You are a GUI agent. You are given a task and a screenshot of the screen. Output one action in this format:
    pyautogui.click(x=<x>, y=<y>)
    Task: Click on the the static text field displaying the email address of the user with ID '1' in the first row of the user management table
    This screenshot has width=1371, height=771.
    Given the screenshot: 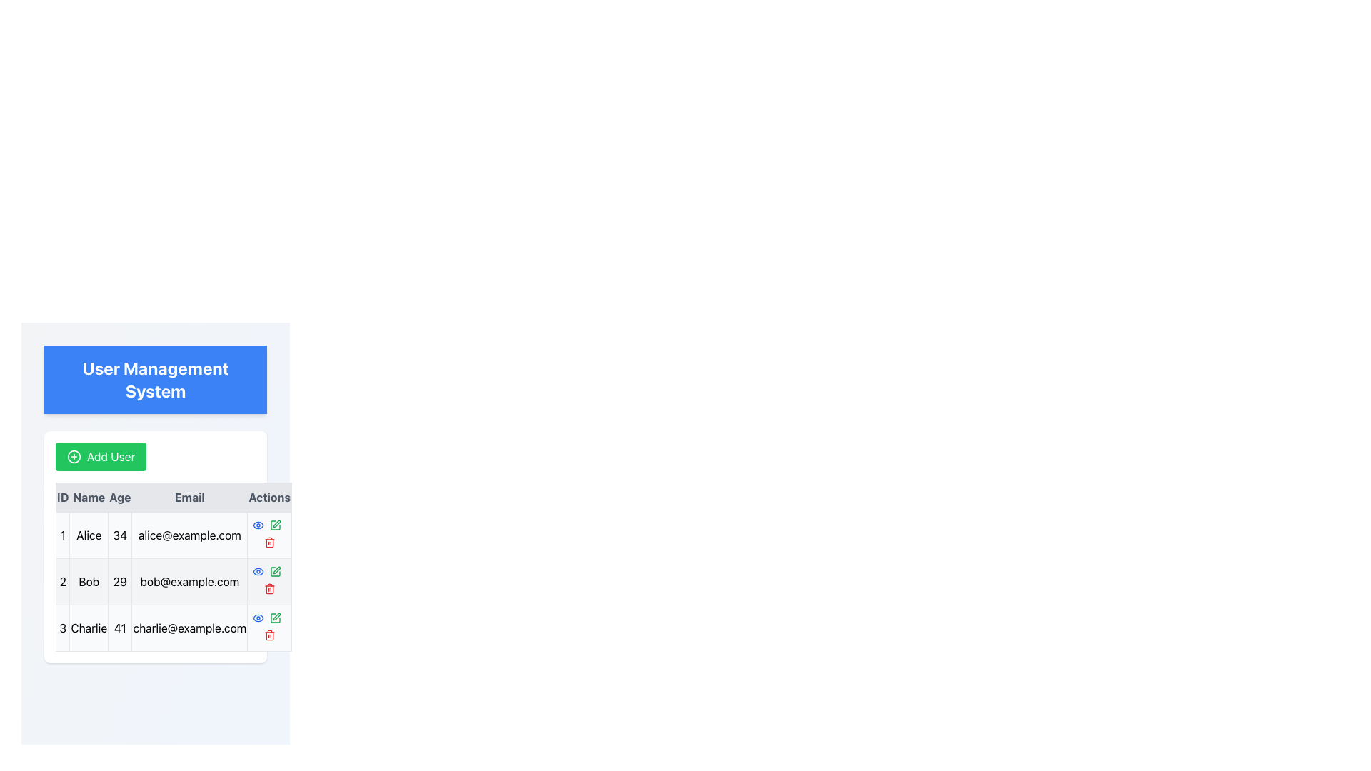 What is the action you would take?
    pyautogui.click(x=189, y=535)
    